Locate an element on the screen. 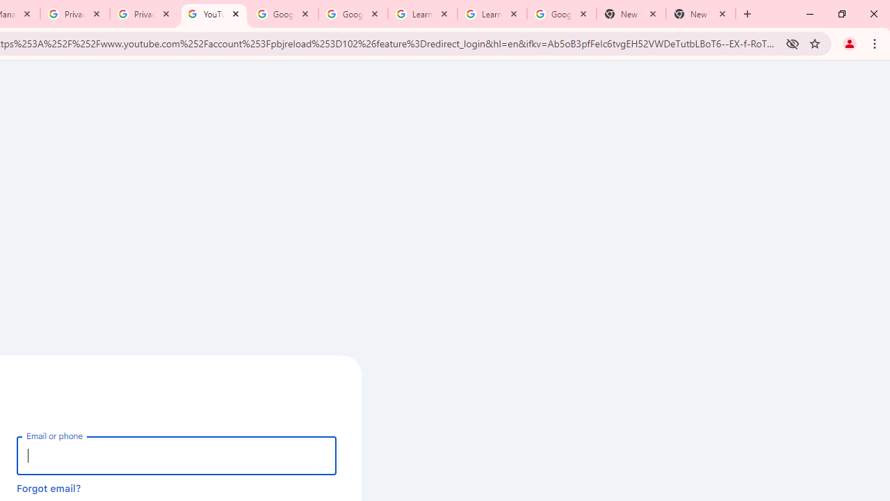 The height and width of the screenshot is (501, 890). 'Google Account Help' is located at coordinates (353, 14).